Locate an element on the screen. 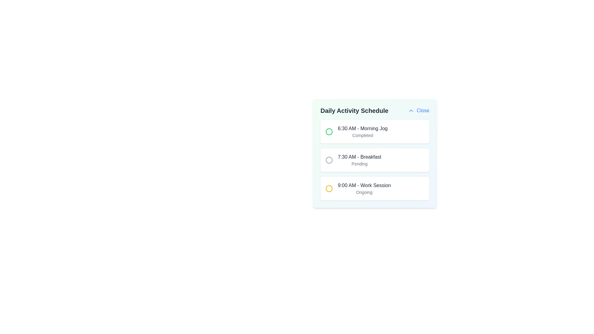 This screenshot has width=594, height=334. the text label reading 'Completed' which is styled in light gray color and located below '6:30 AM - Morning Jog' in the activity schedule is located at coordinates (363, 135).